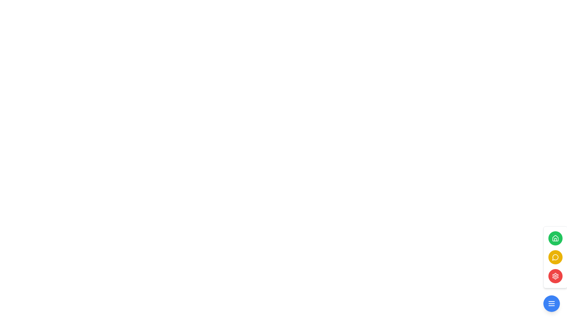 This screenshot has height=319, width=567. Describe the element at coordinates (555, 238) in the screenshot. I see `the house icon located at the top of the vertical button stack on the right side of the interface` at that location.